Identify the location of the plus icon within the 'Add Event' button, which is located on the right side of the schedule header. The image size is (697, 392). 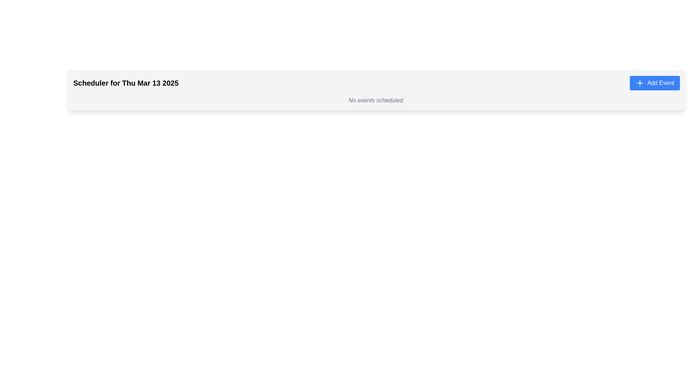
(640, 82).